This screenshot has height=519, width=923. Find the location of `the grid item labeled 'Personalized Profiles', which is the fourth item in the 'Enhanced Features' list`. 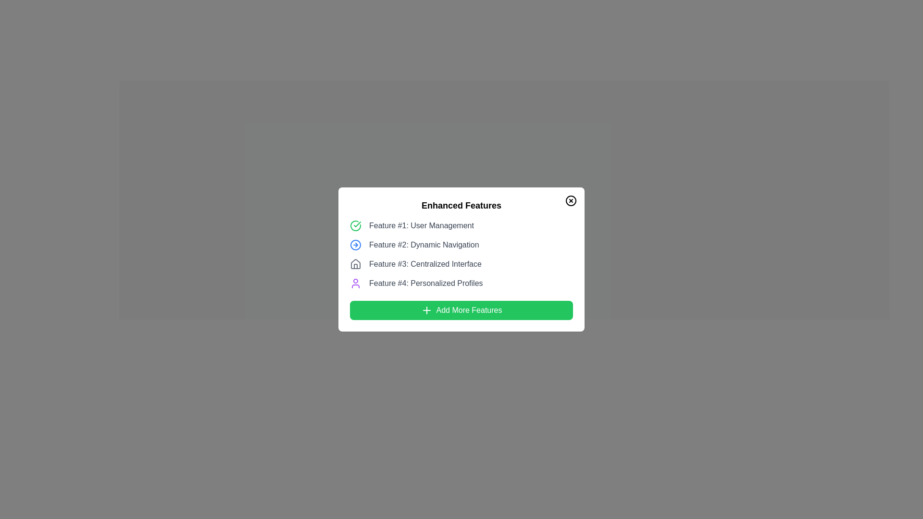

the grid item labeled 'Personalized Profiles', which is the fourth item in the 'Enhanced Features' list is located at coordinates (461, 283).